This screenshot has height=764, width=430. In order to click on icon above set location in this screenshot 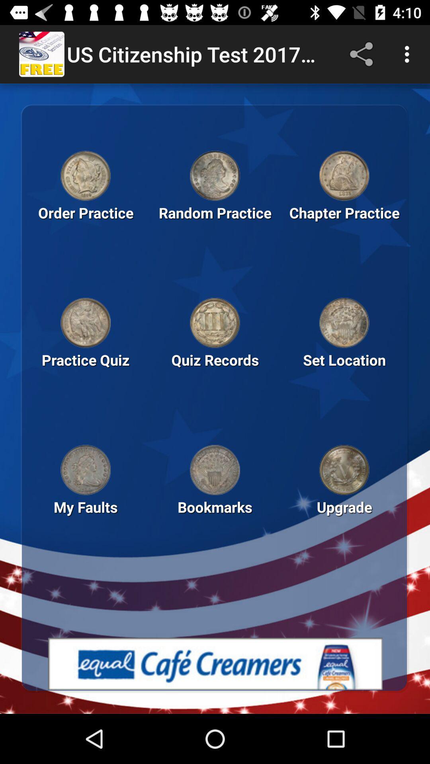, I will do `click(344, 323)`.